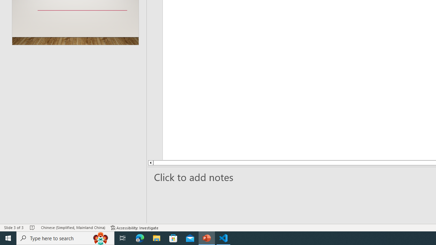 The height and width of the screenshot is (245, 436). What do you see at coordinates (130, 163) in the screenshot?
I see `'Line up'` at bounding box center [130, 163].